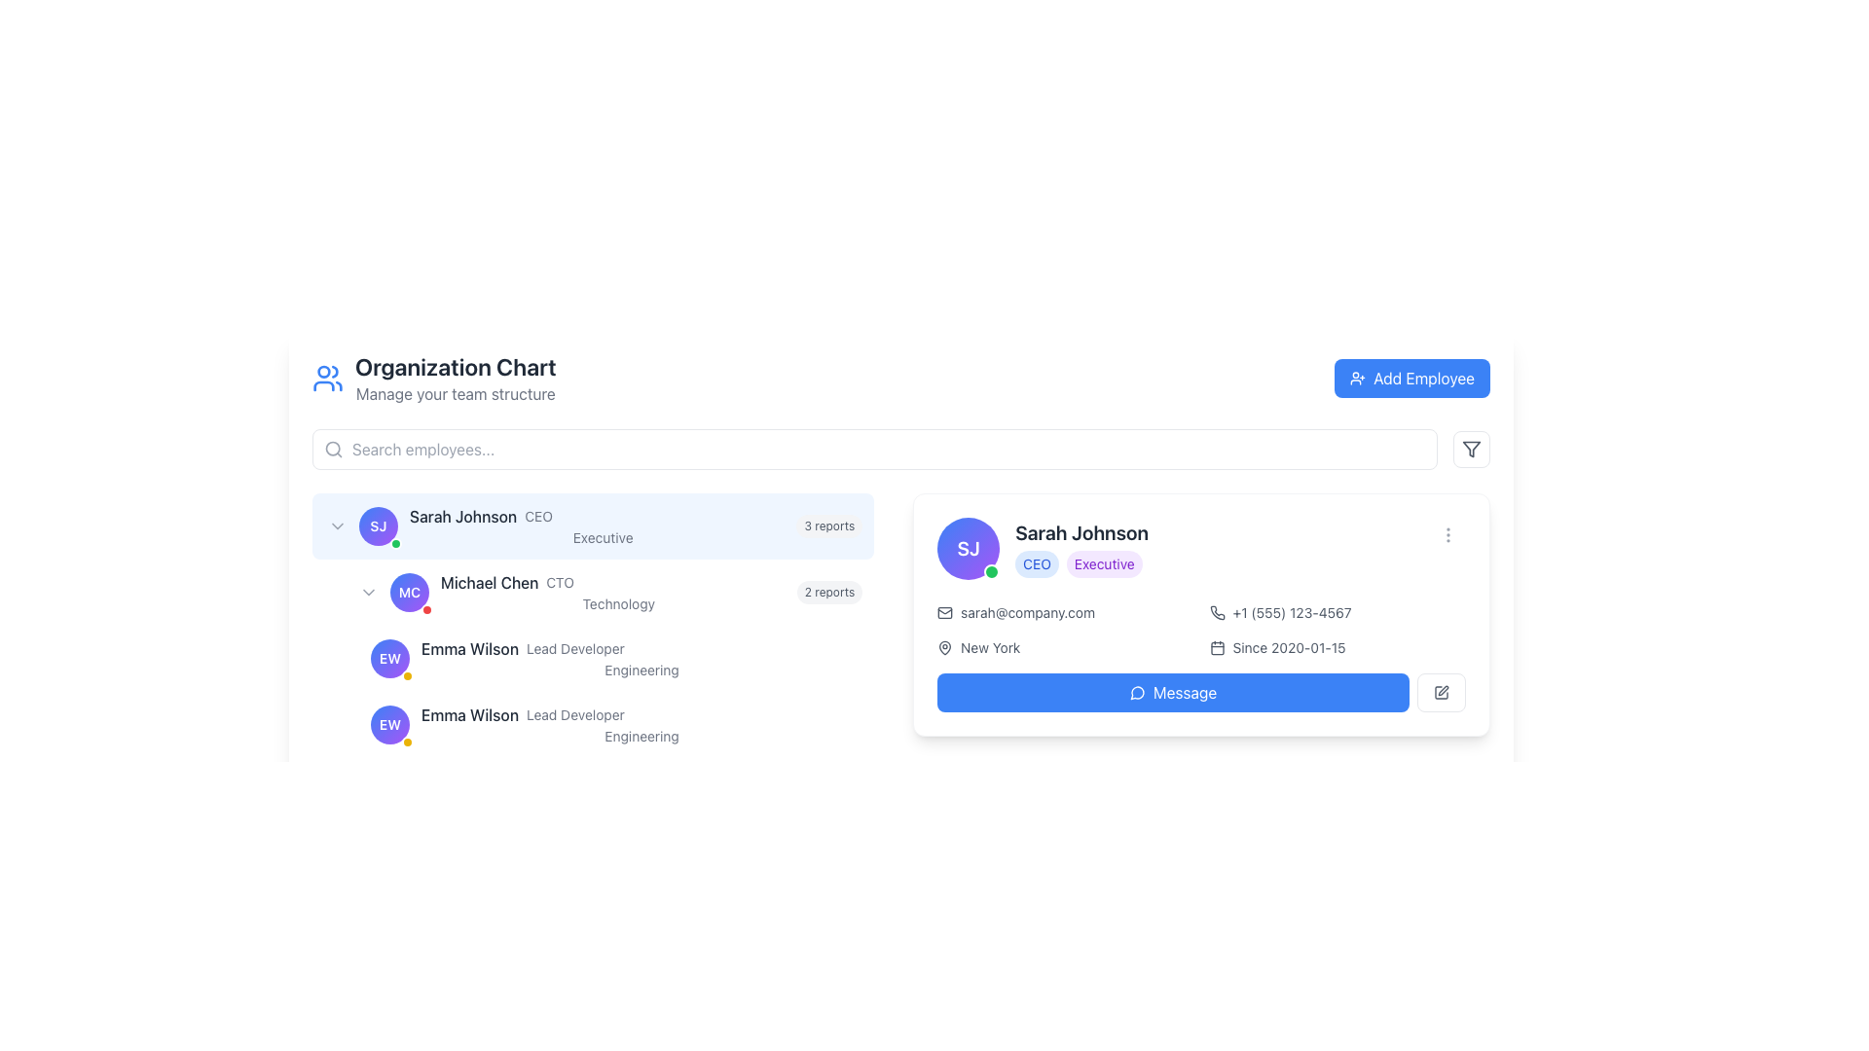  What do you see at coordinates (1442, 692) in the screenshot?
I see `the square button with a pen icon located in the bottom right corner of Sarah Johnson's profile` at bounding box center [1442, 692].